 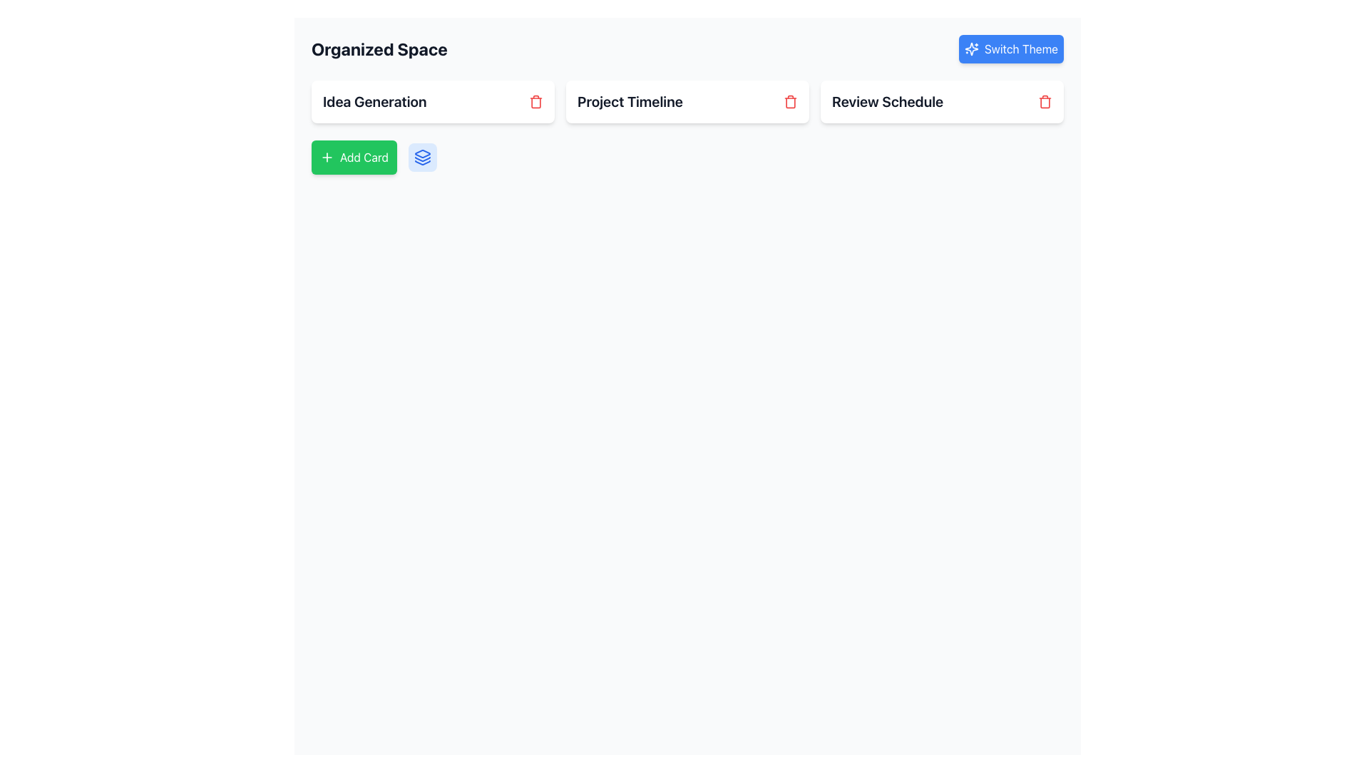 I want to click on to select the 'Project Timeline' card element, which serves as a selectable and deletable card in the grid layout, so click(x=687, y=101).